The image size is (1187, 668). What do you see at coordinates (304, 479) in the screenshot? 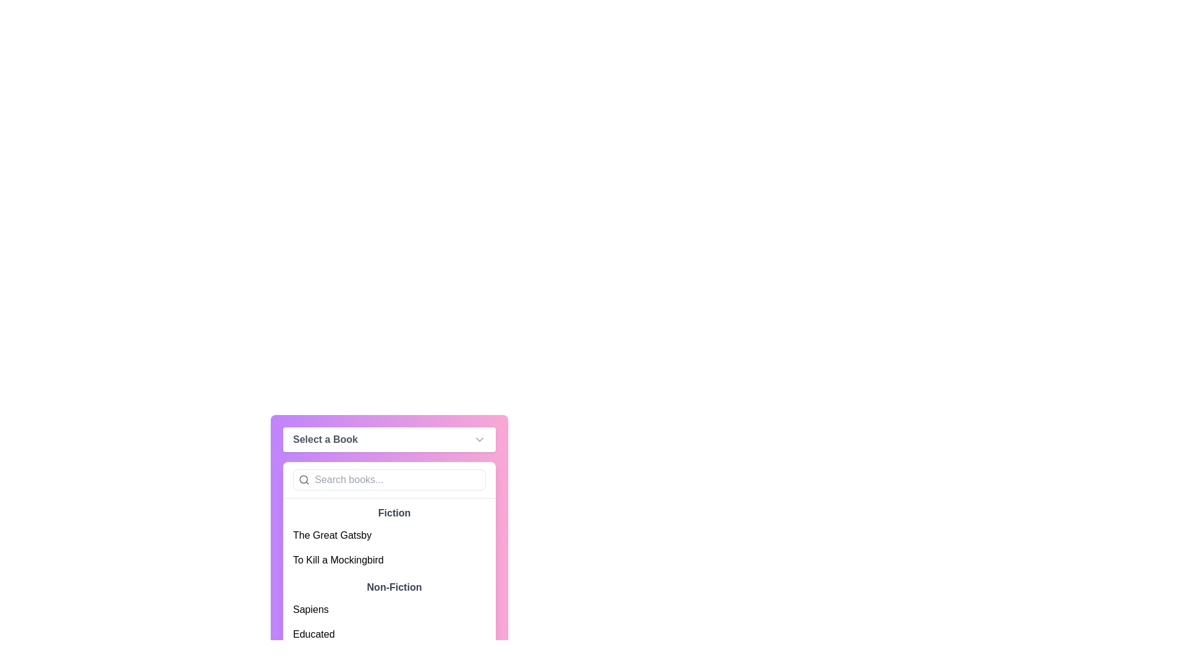
I see `the Svg circle, which is part of the magnifying glass icon located inside the search input box labeled 'Search books...'` at bounding box center [304, 479].